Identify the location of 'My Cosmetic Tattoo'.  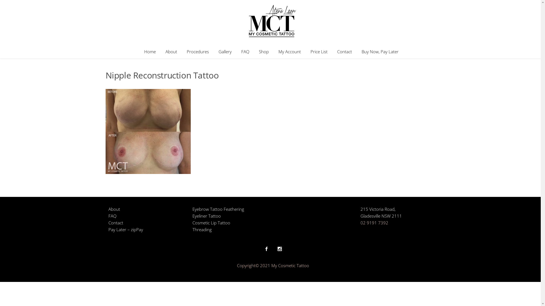
(271, 22).